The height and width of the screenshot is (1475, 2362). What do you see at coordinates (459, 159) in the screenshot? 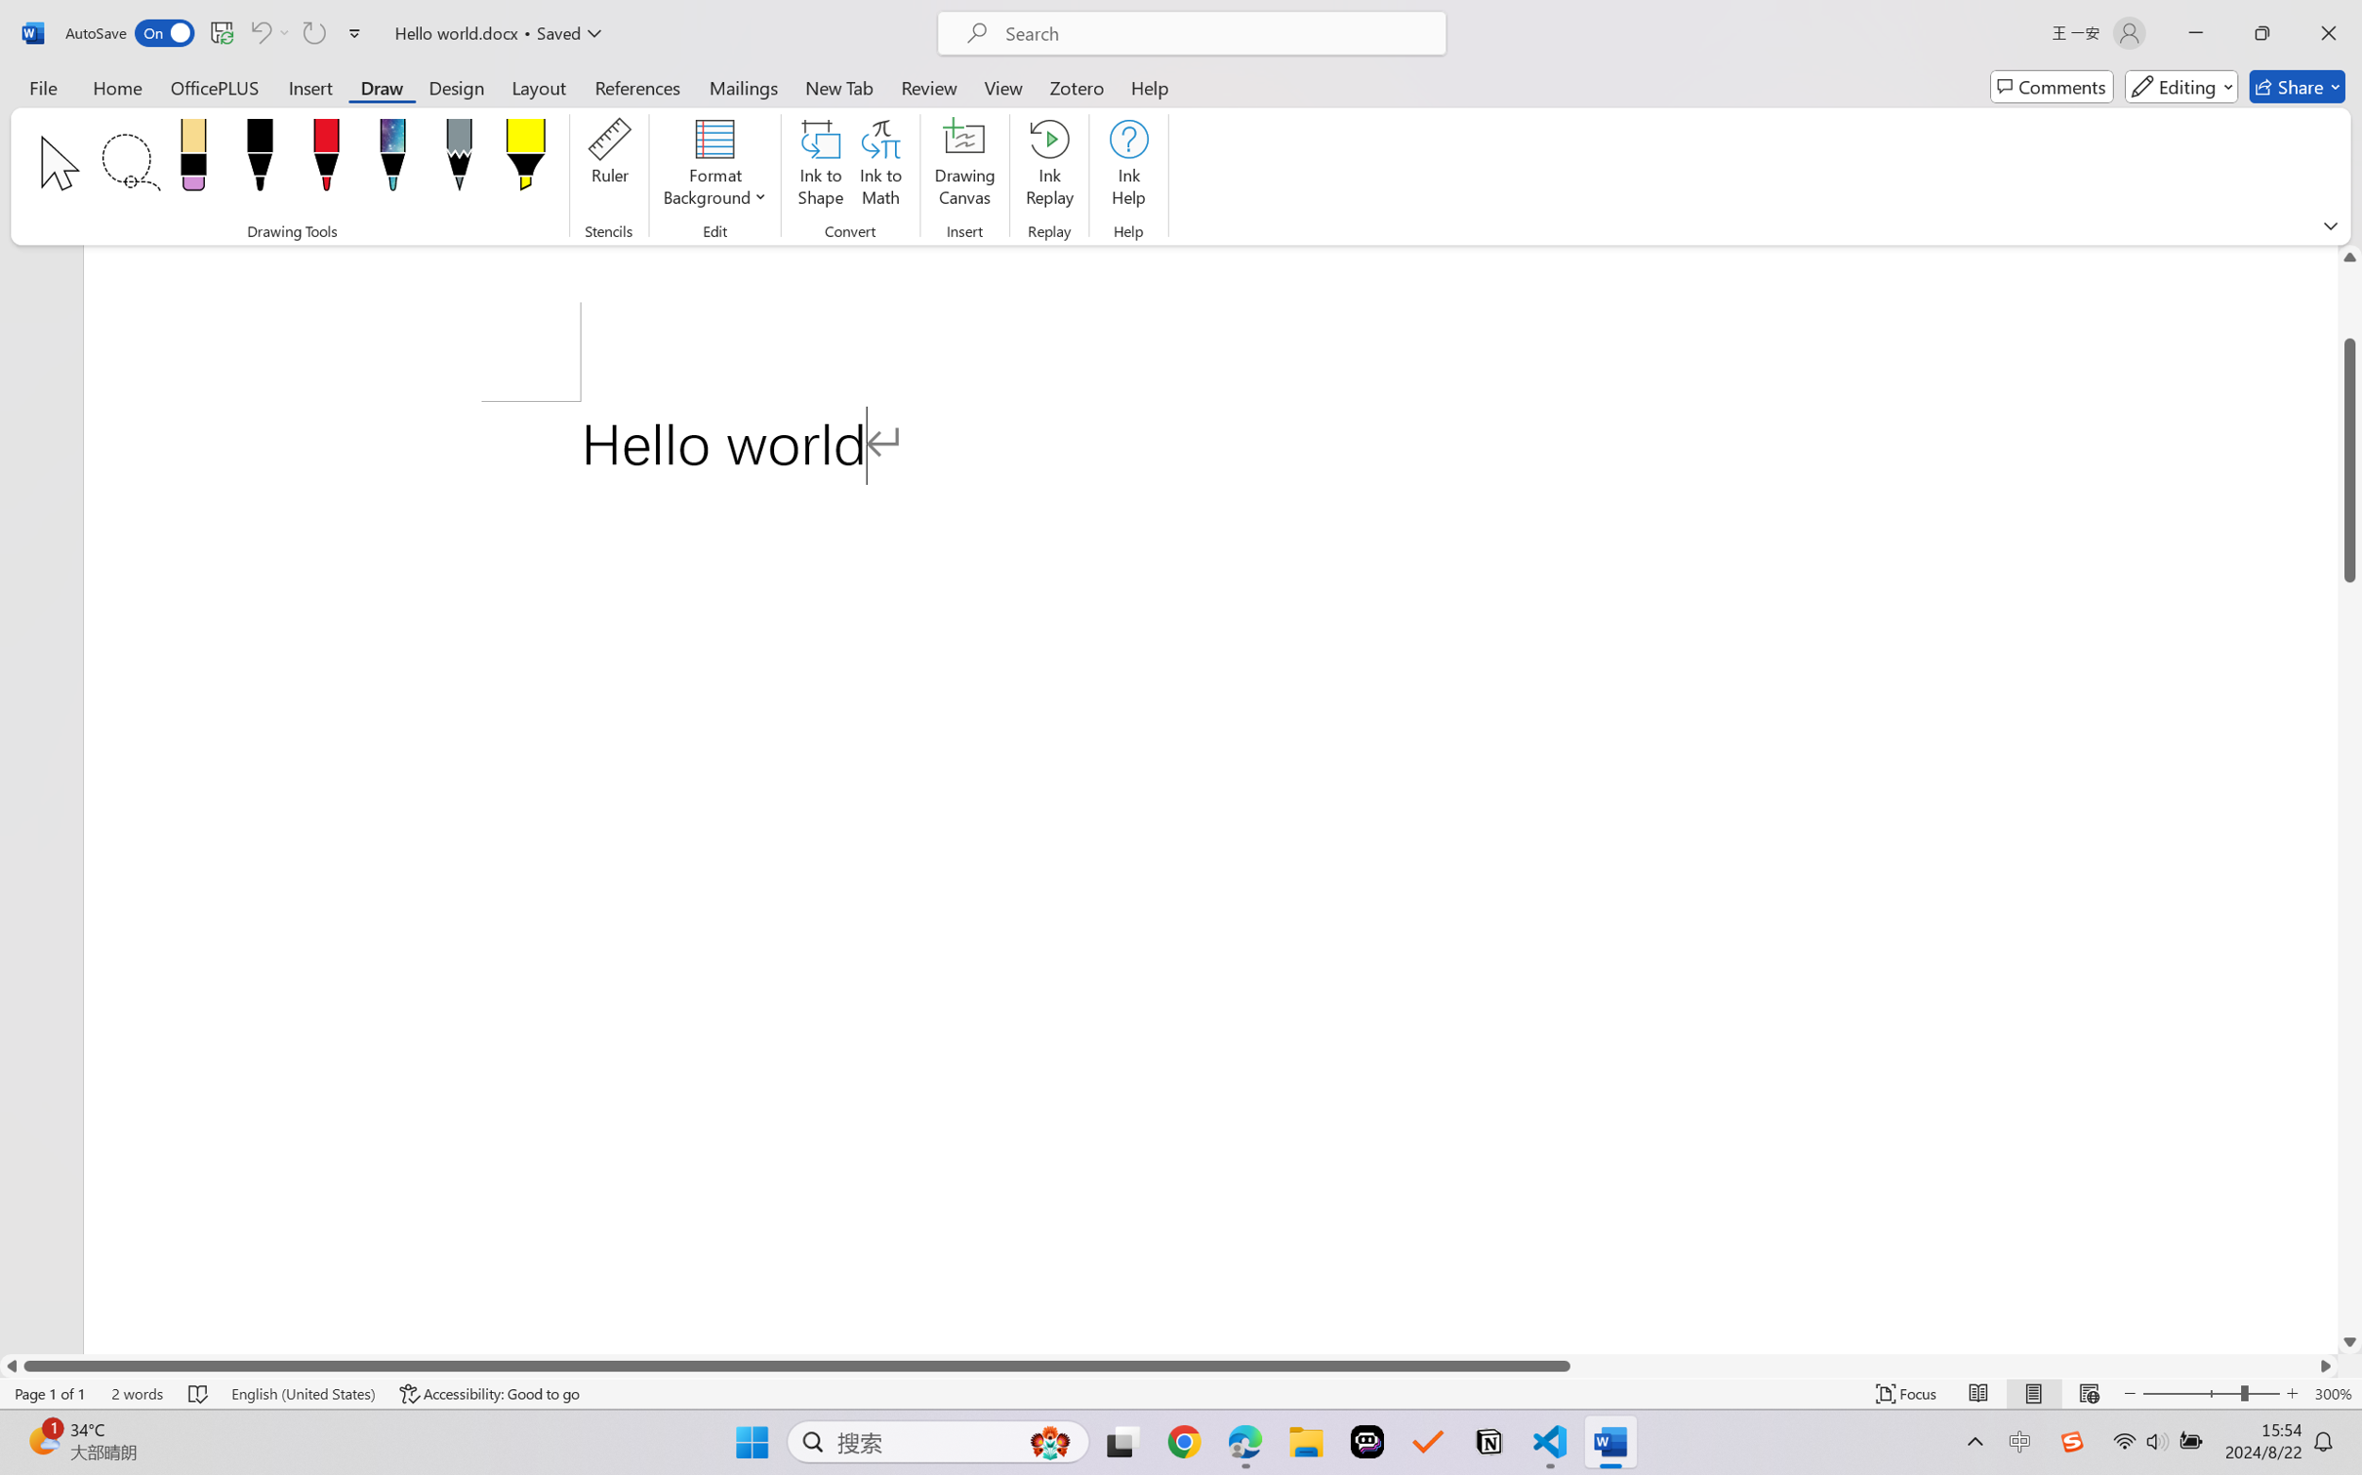
I see `'Pencil: Gray, 1 mm'` at bounding box center [459, 159].